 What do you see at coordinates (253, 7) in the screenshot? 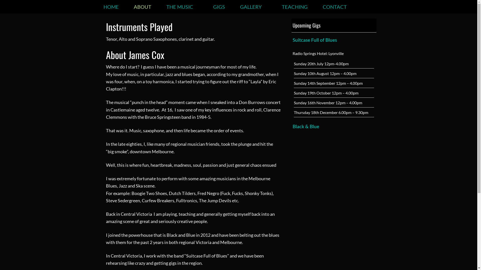
I see `'GALLERY'` at bounding box center [253, 7].